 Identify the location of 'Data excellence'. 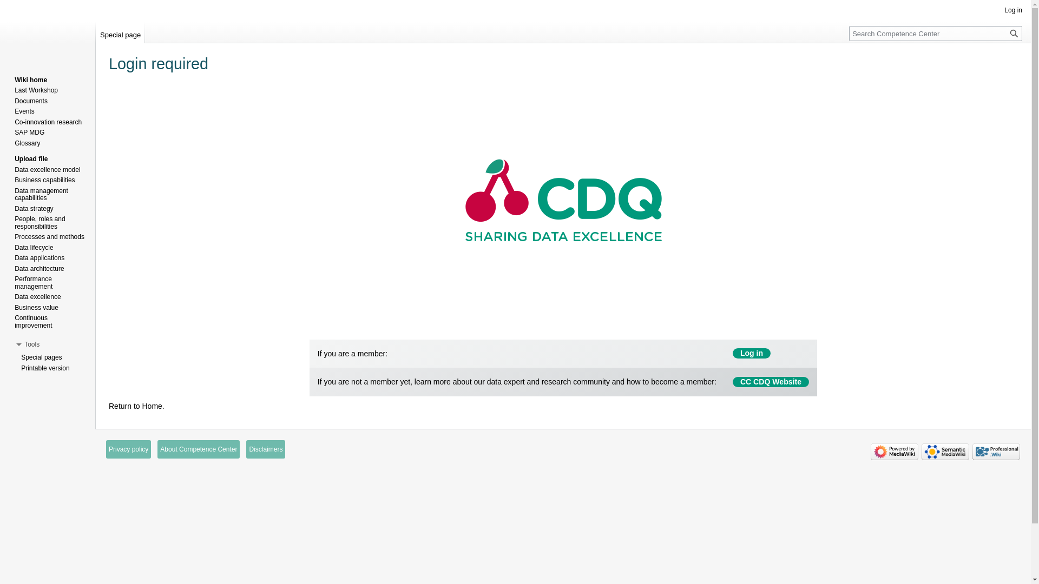
(15, 296).